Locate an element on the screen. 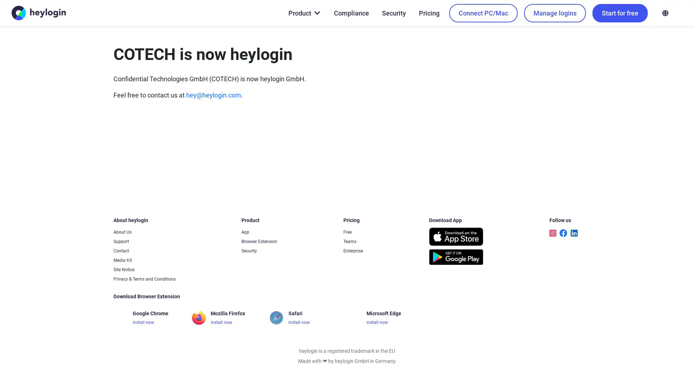 Image resolution: width=694 pixels, height=390 pixels. Product is located at coordinates (304, 13).